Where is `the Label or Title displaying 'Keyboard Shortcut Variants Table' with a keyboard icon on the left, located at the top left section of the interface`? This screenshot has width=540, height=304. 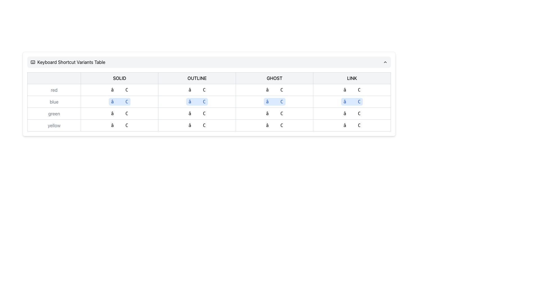
the Label or Title displaying 'Keyboard Shortcut Variants Table' with a keyboard icon on the left, located at the top left section of the interface is located at coordinates (67, 62).